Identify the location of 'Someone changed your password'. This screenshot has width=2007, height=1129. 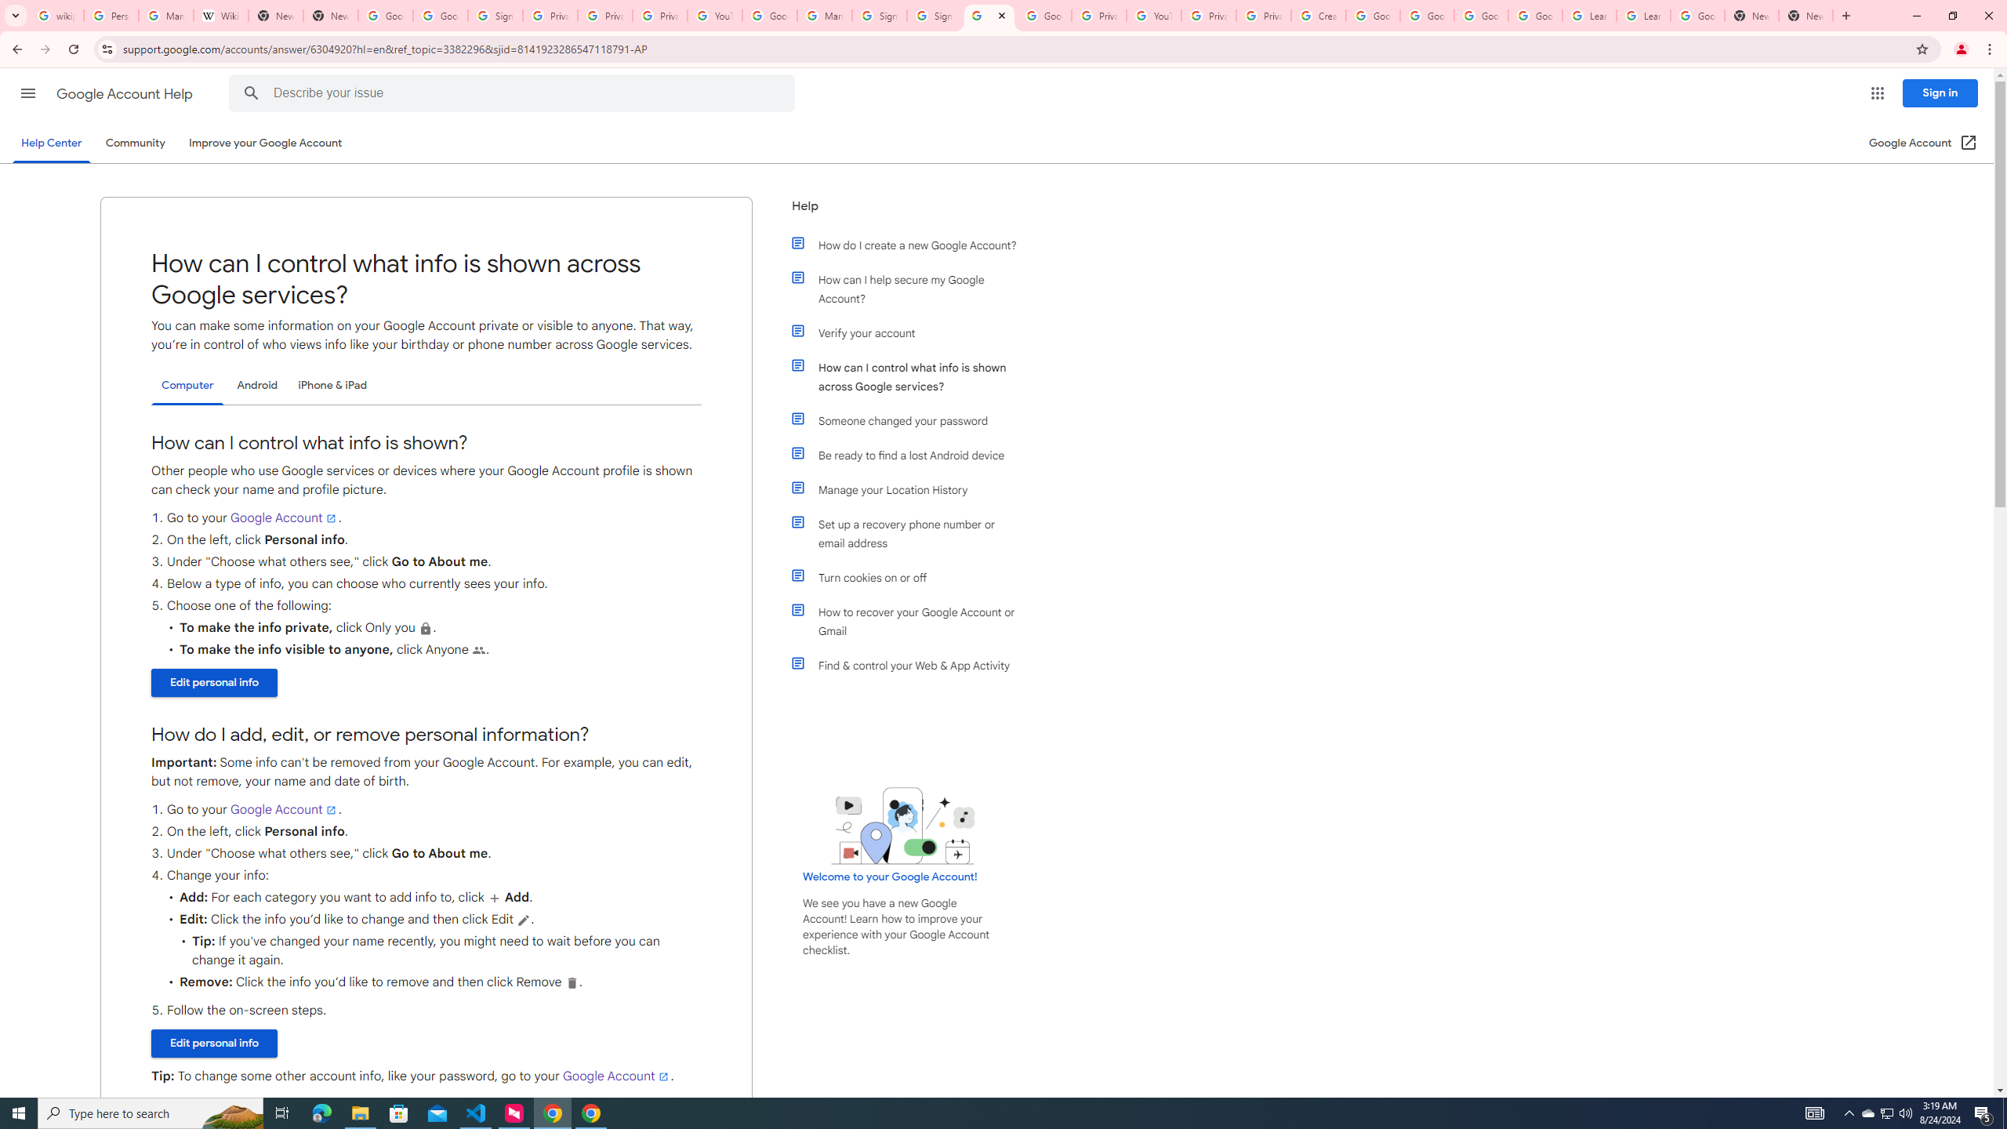
(911, 420).